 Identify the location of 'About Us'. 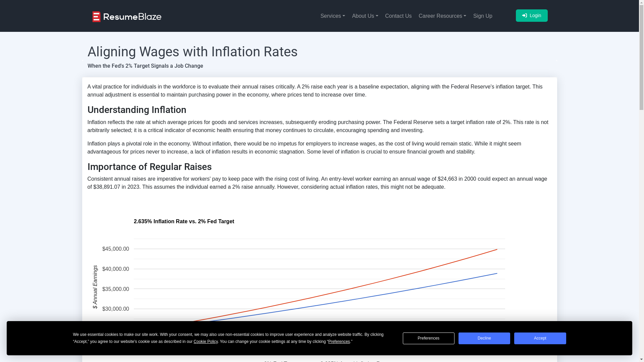
(362, 15).